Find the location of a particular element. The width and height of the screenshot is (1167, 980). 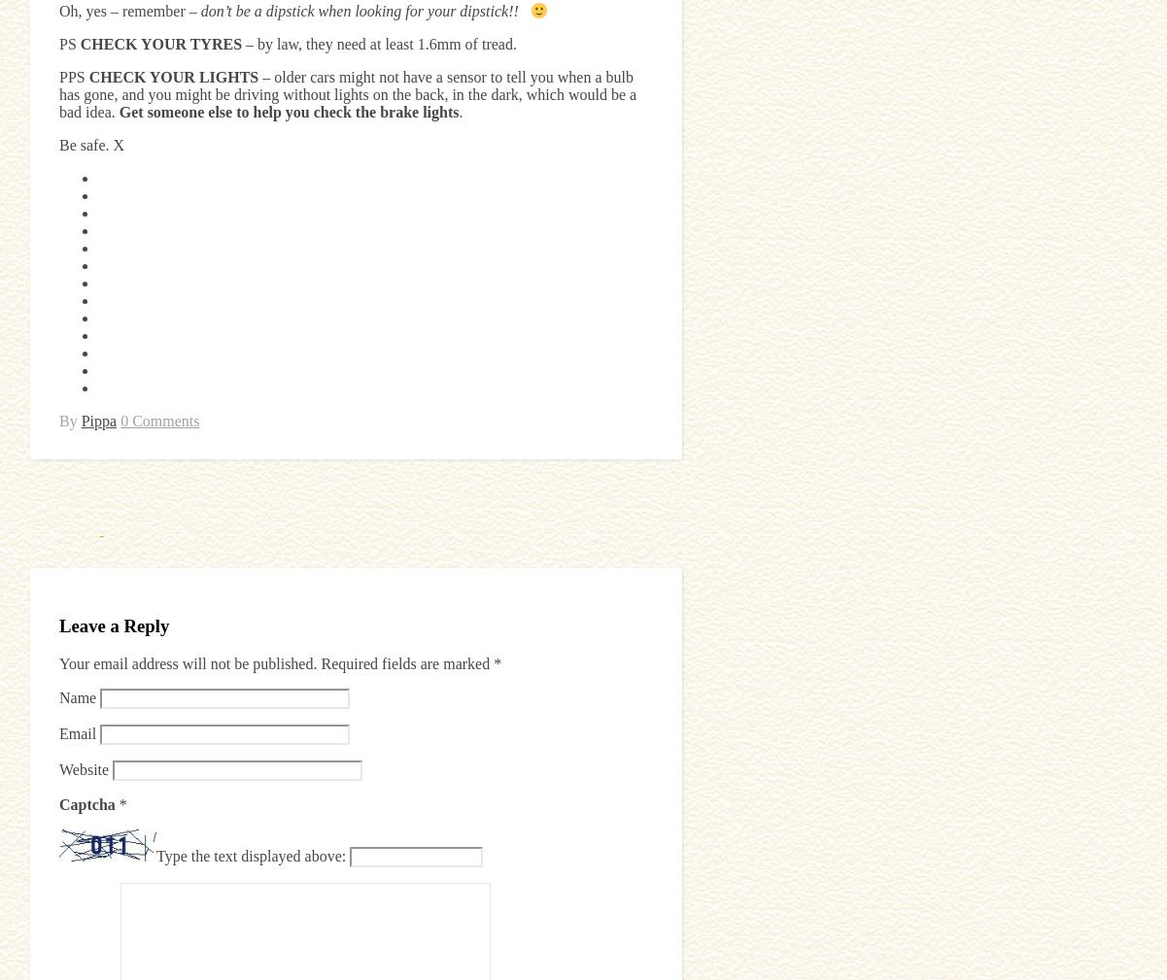

'PPS' is located at coordinates (59, 76).